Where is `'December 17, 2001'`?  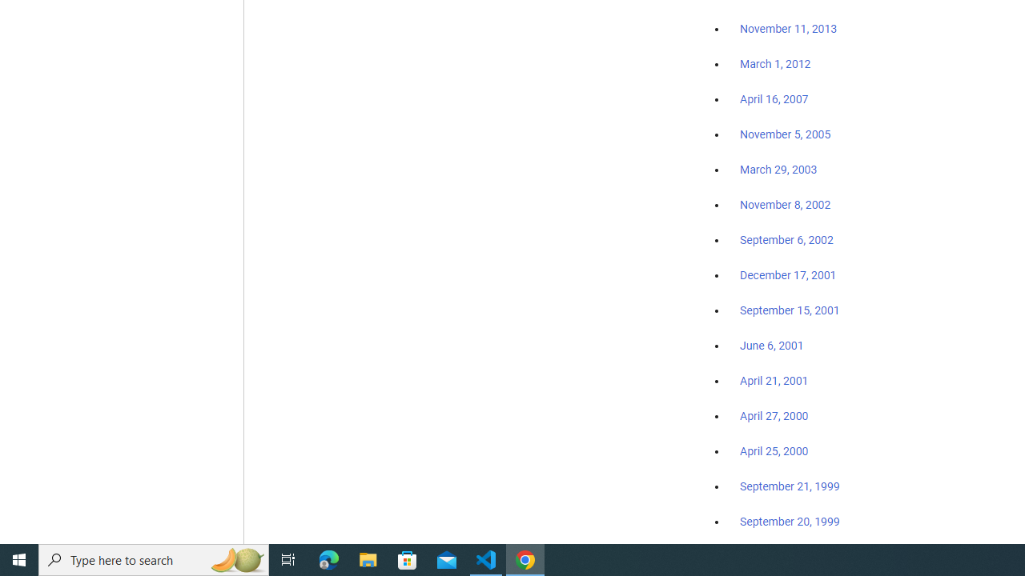 'December 17, 2001' is located at coordinates (788, 274).